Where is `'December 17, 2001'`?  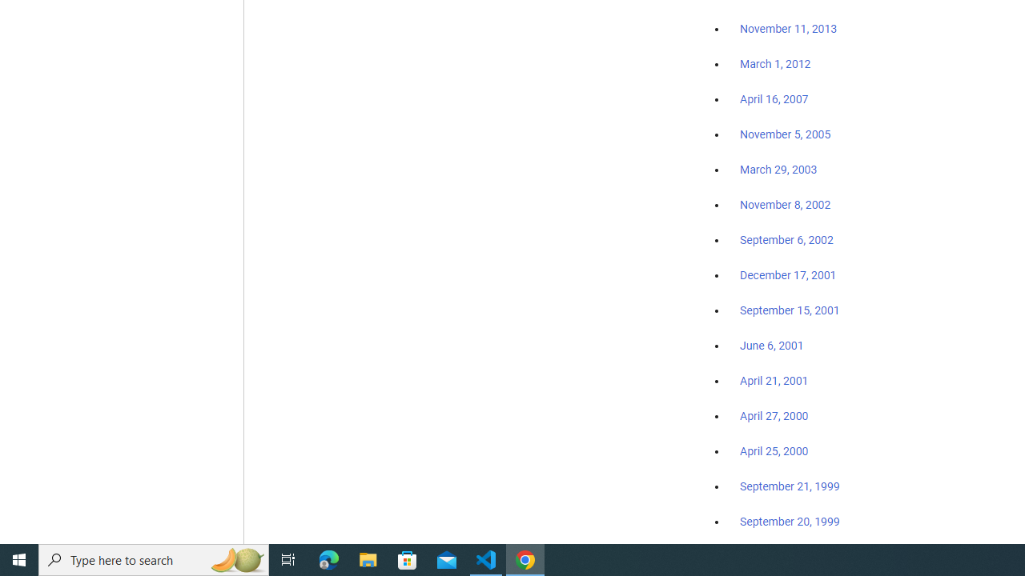 'December 17, 2001' is located at coordinates (788, 274).